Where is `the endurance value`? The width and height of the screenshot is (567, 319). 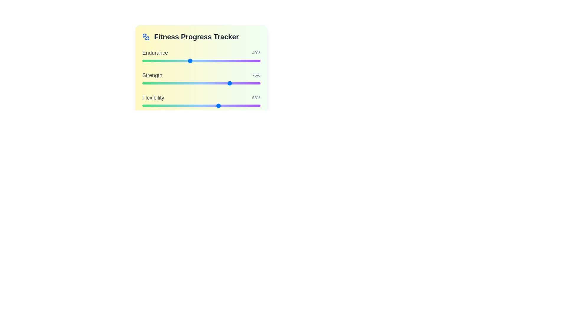
the endurance value is located at coordinates (193, 61).